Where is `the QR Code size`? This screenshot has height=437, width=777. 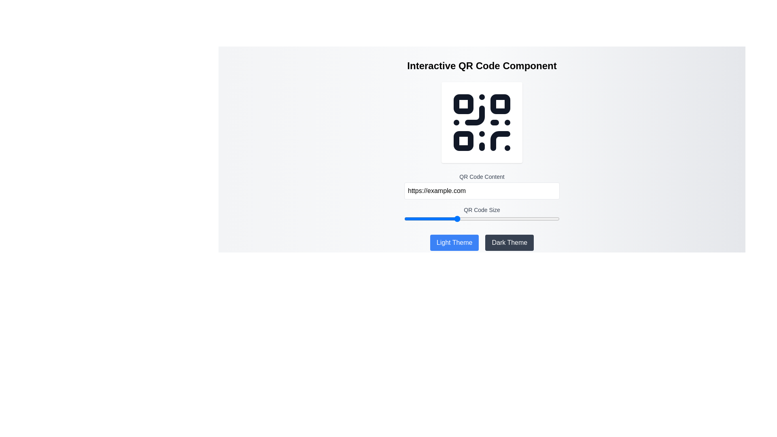 the QR Code size is located at coordinates (424, 218).